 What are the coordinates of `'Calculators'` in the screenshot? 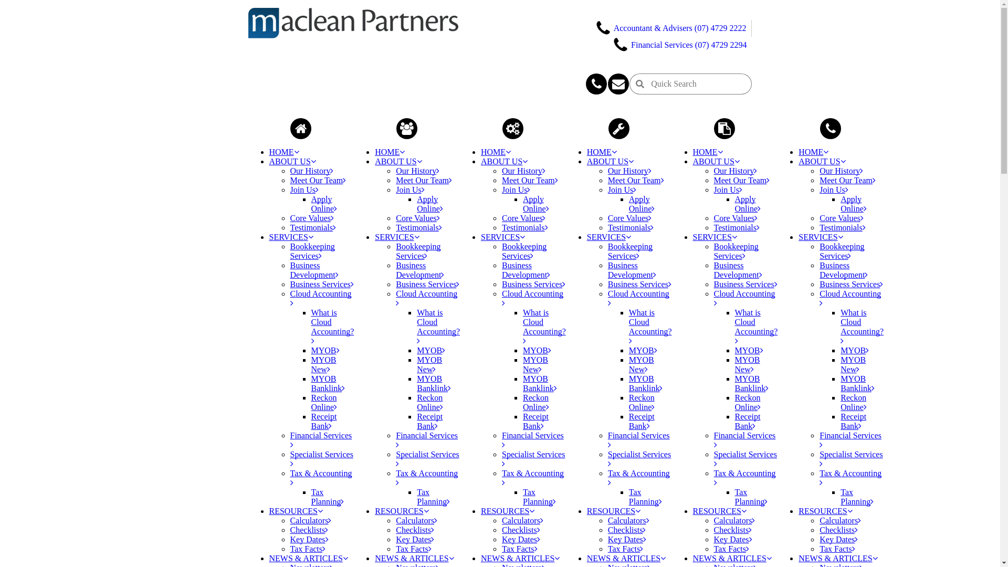 It's located at (734, 520).